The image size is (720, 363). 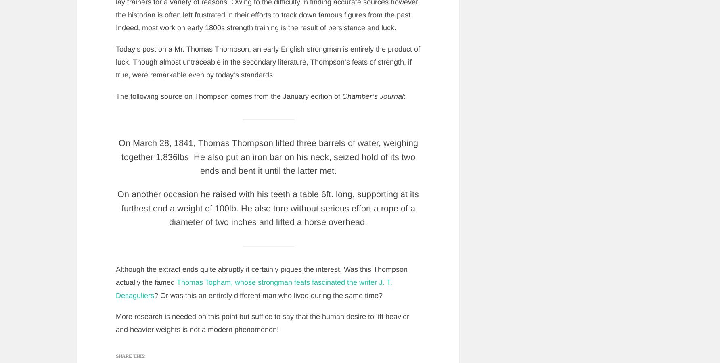 I want to click on 'Although the extract ends quite abruptly it certainly piques the interest. Was this Thompson actually the famed', so click(x=261, y=275).